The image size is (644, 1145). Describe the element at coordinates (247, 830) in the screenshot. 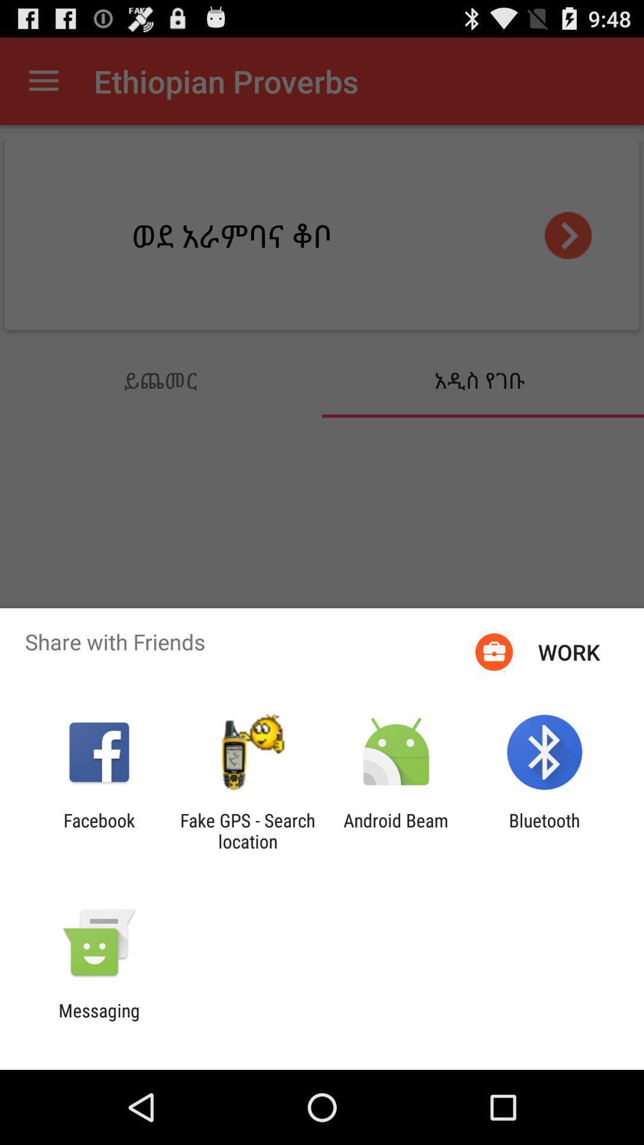

I see `item next to facebook app` at that location.